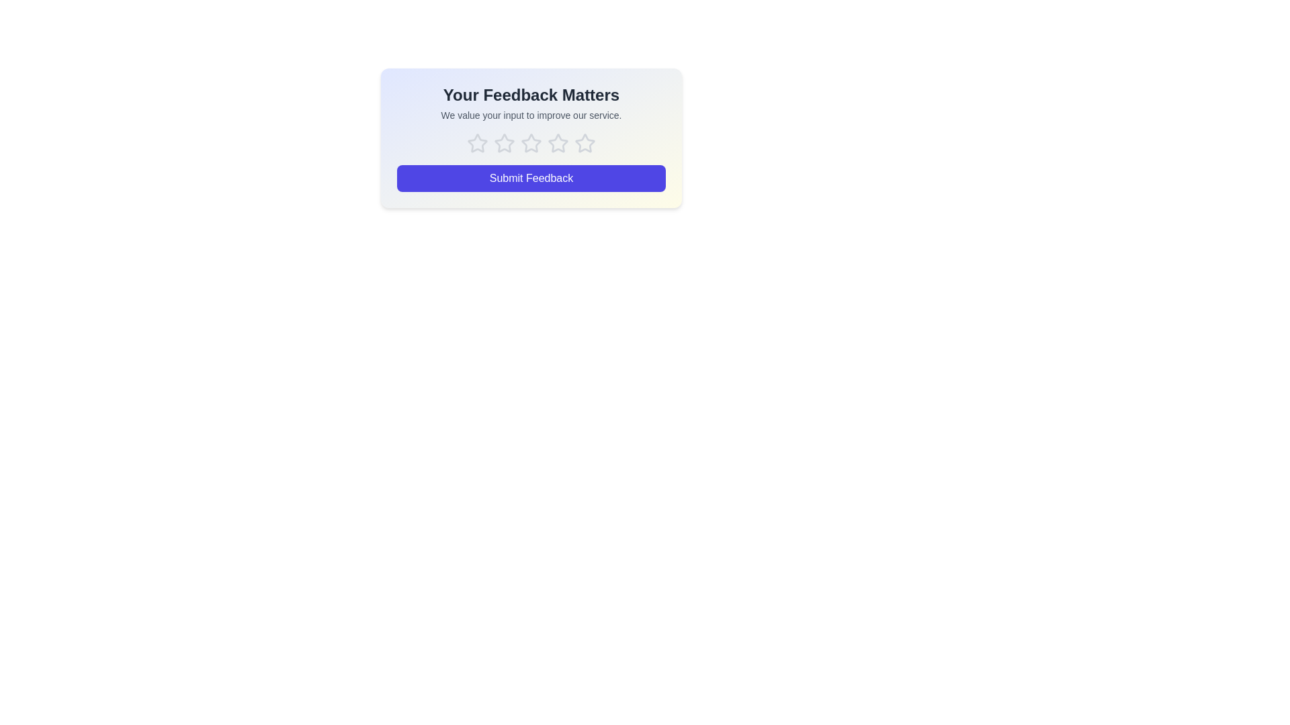 Image resolution: width=1290 pixels, height=725 pixels. Describe the element at coordinates (558, 143) in the screenshot. I see `the fourth star icon in the rating system` at that location.